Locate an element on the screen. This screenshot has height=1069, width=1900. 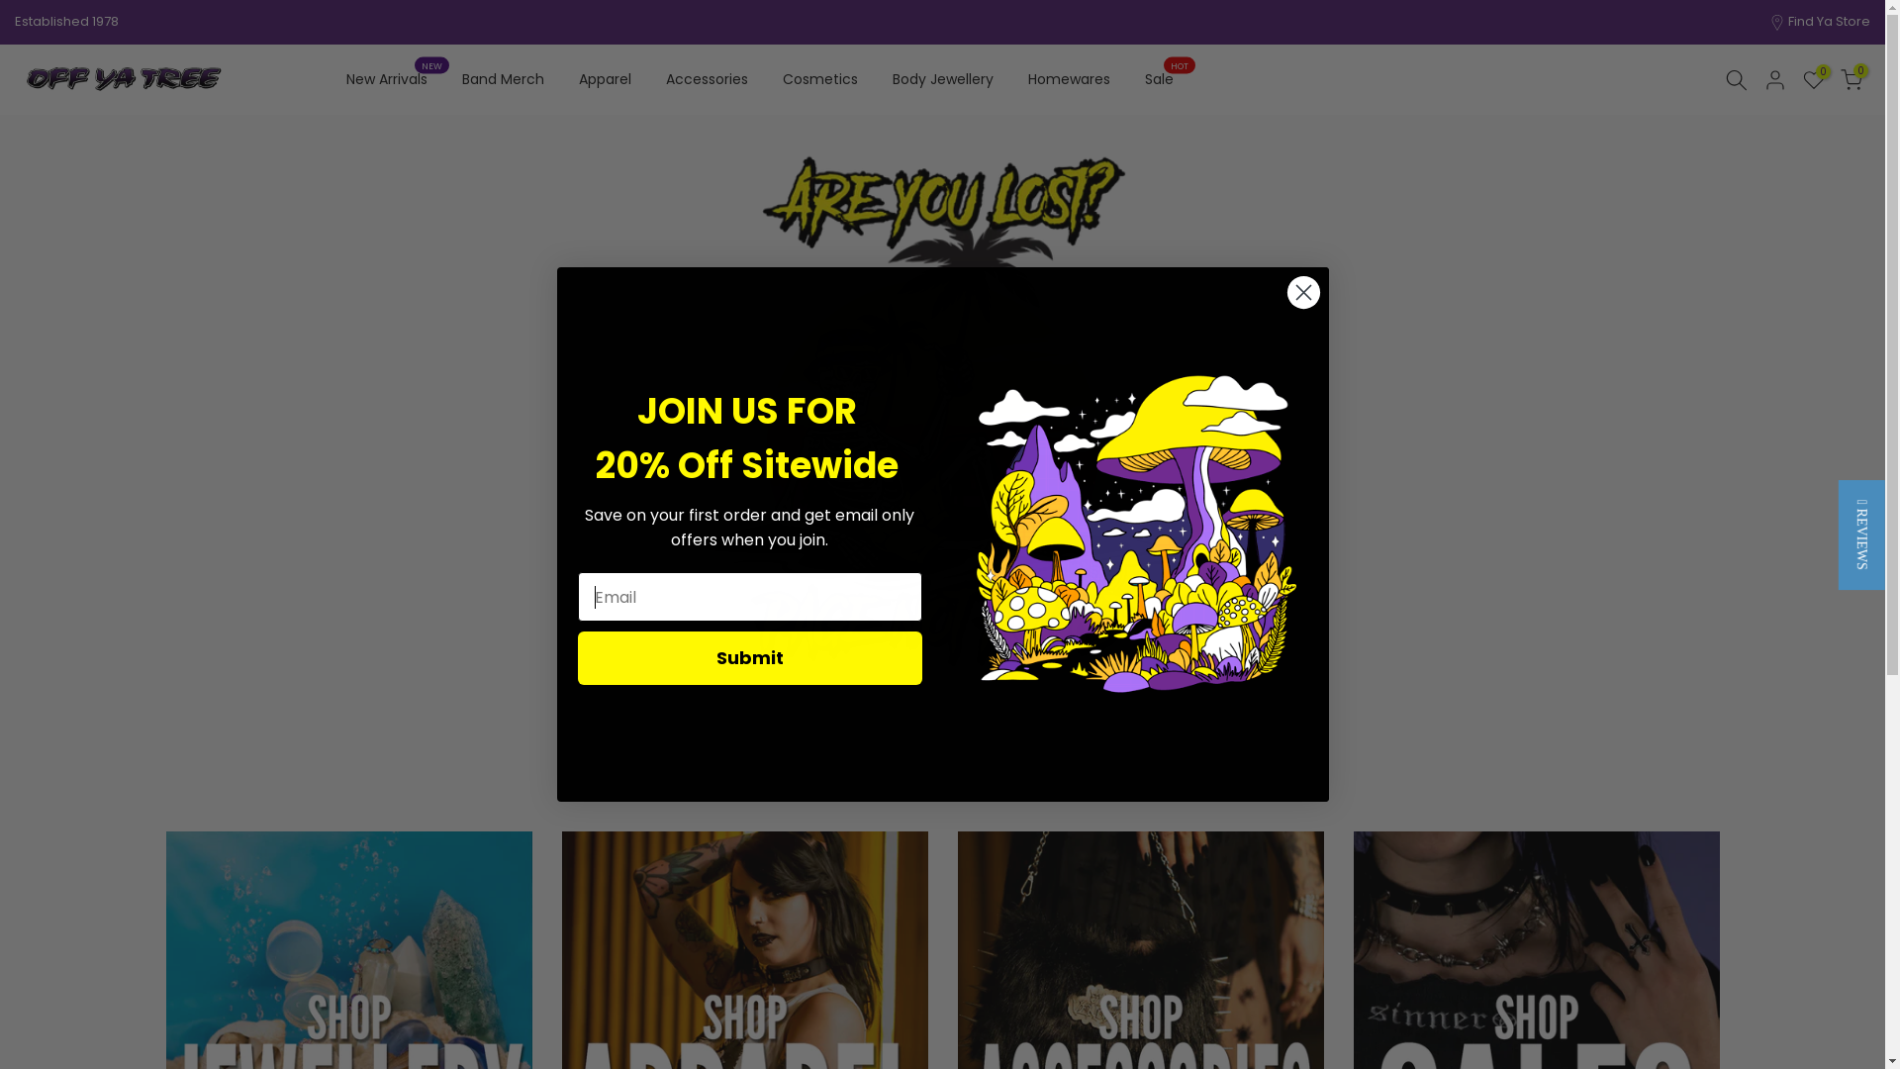
'Cosmetics' is located at coordinates (819, 78).